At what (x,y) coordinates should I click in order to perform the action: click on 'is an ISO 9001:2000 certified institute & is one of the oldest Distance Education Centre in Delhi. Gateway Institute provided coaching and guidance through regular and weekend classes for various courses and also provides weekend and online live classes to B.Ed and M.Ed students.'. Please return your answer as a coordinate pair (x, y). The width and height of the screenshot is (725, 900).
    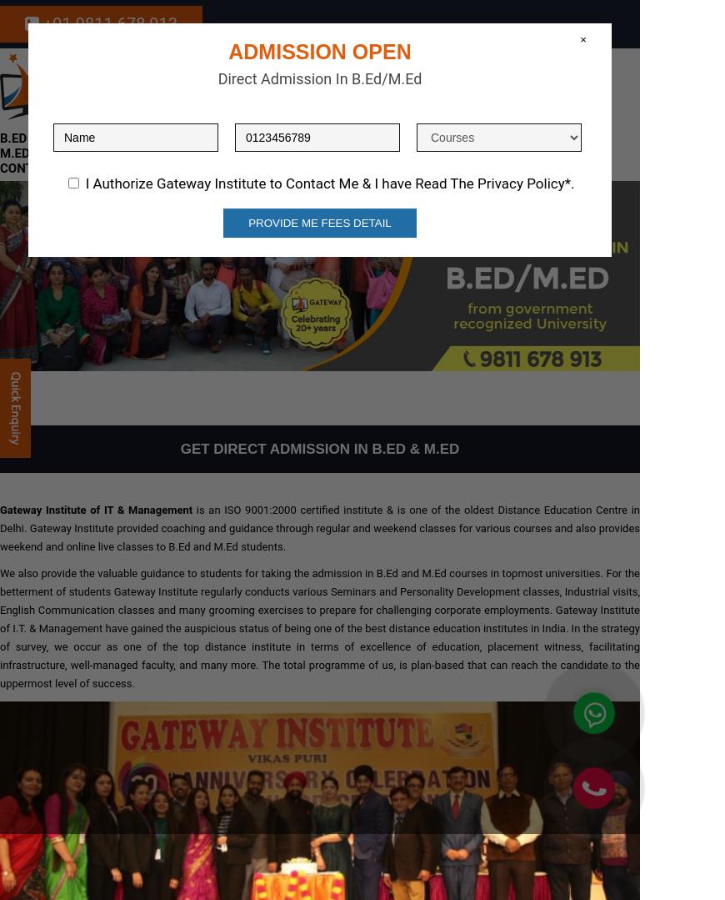
    Looking at the image, I should click on (320, 527).